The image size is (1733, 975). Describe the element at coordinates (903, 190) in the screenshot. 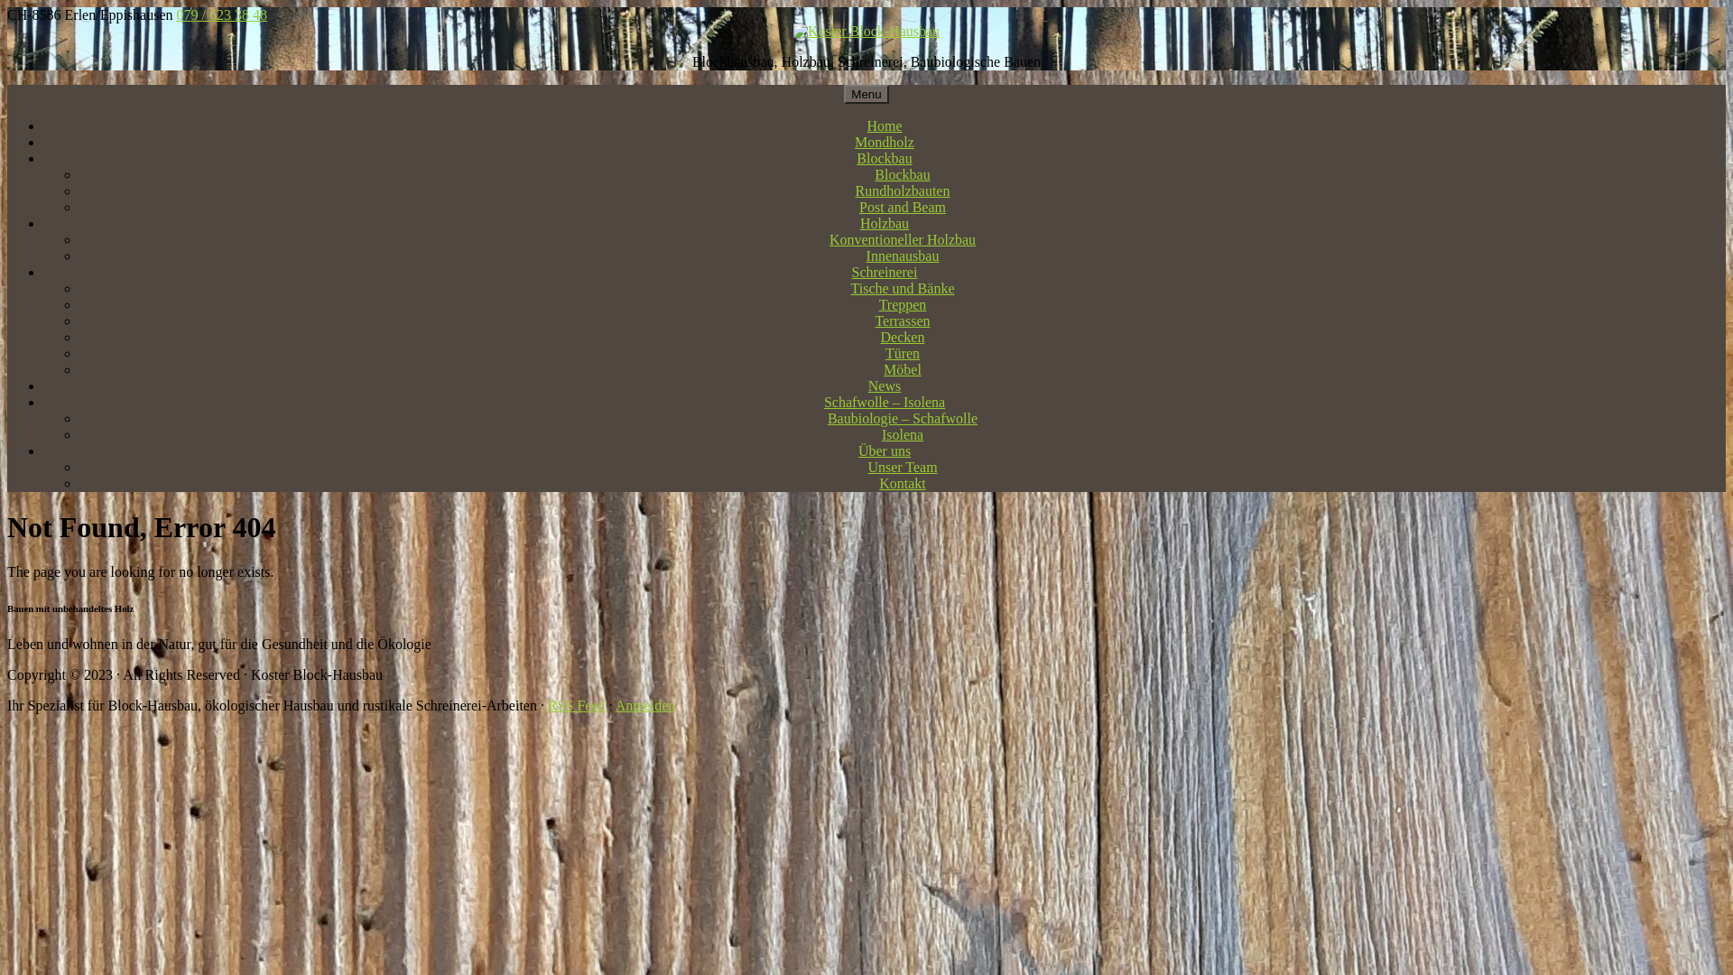

I see `'Rundholzbauten'` at that location.